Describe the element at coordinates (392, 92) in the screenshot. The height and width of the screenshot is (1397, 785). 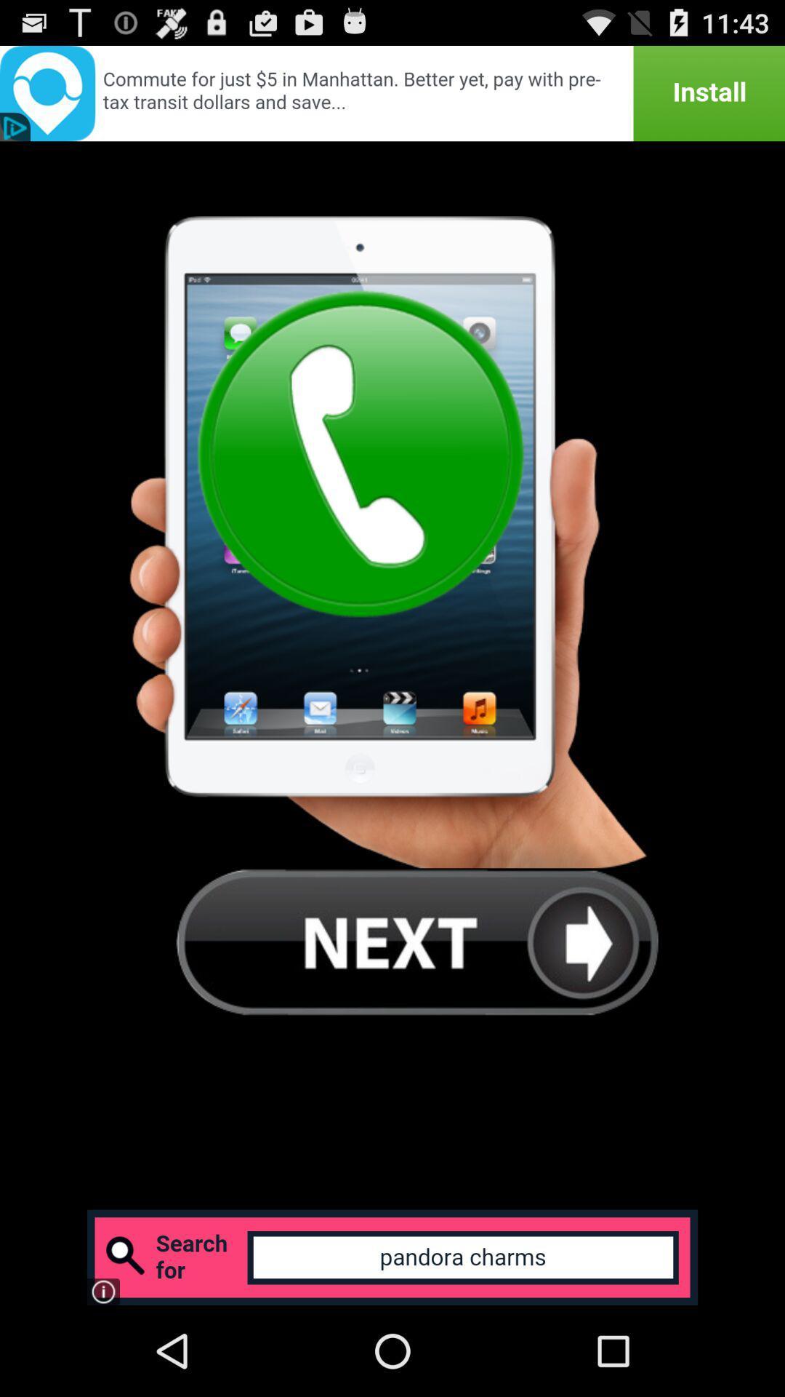
I see `install the app` at that location.